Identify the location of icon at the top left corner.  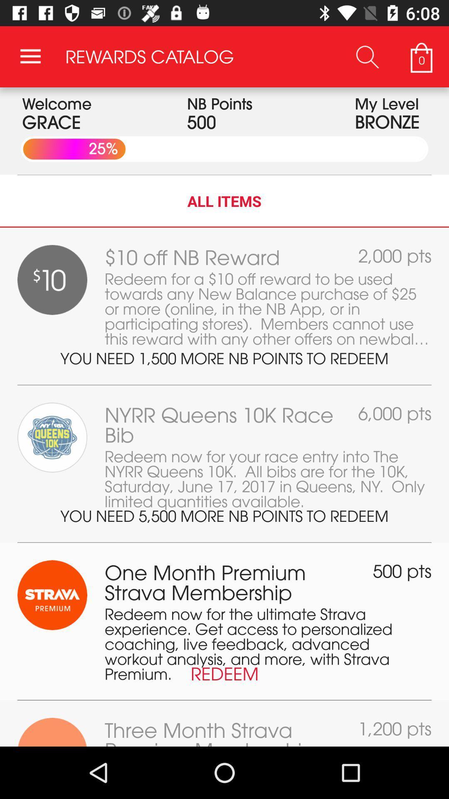
(30, 56).